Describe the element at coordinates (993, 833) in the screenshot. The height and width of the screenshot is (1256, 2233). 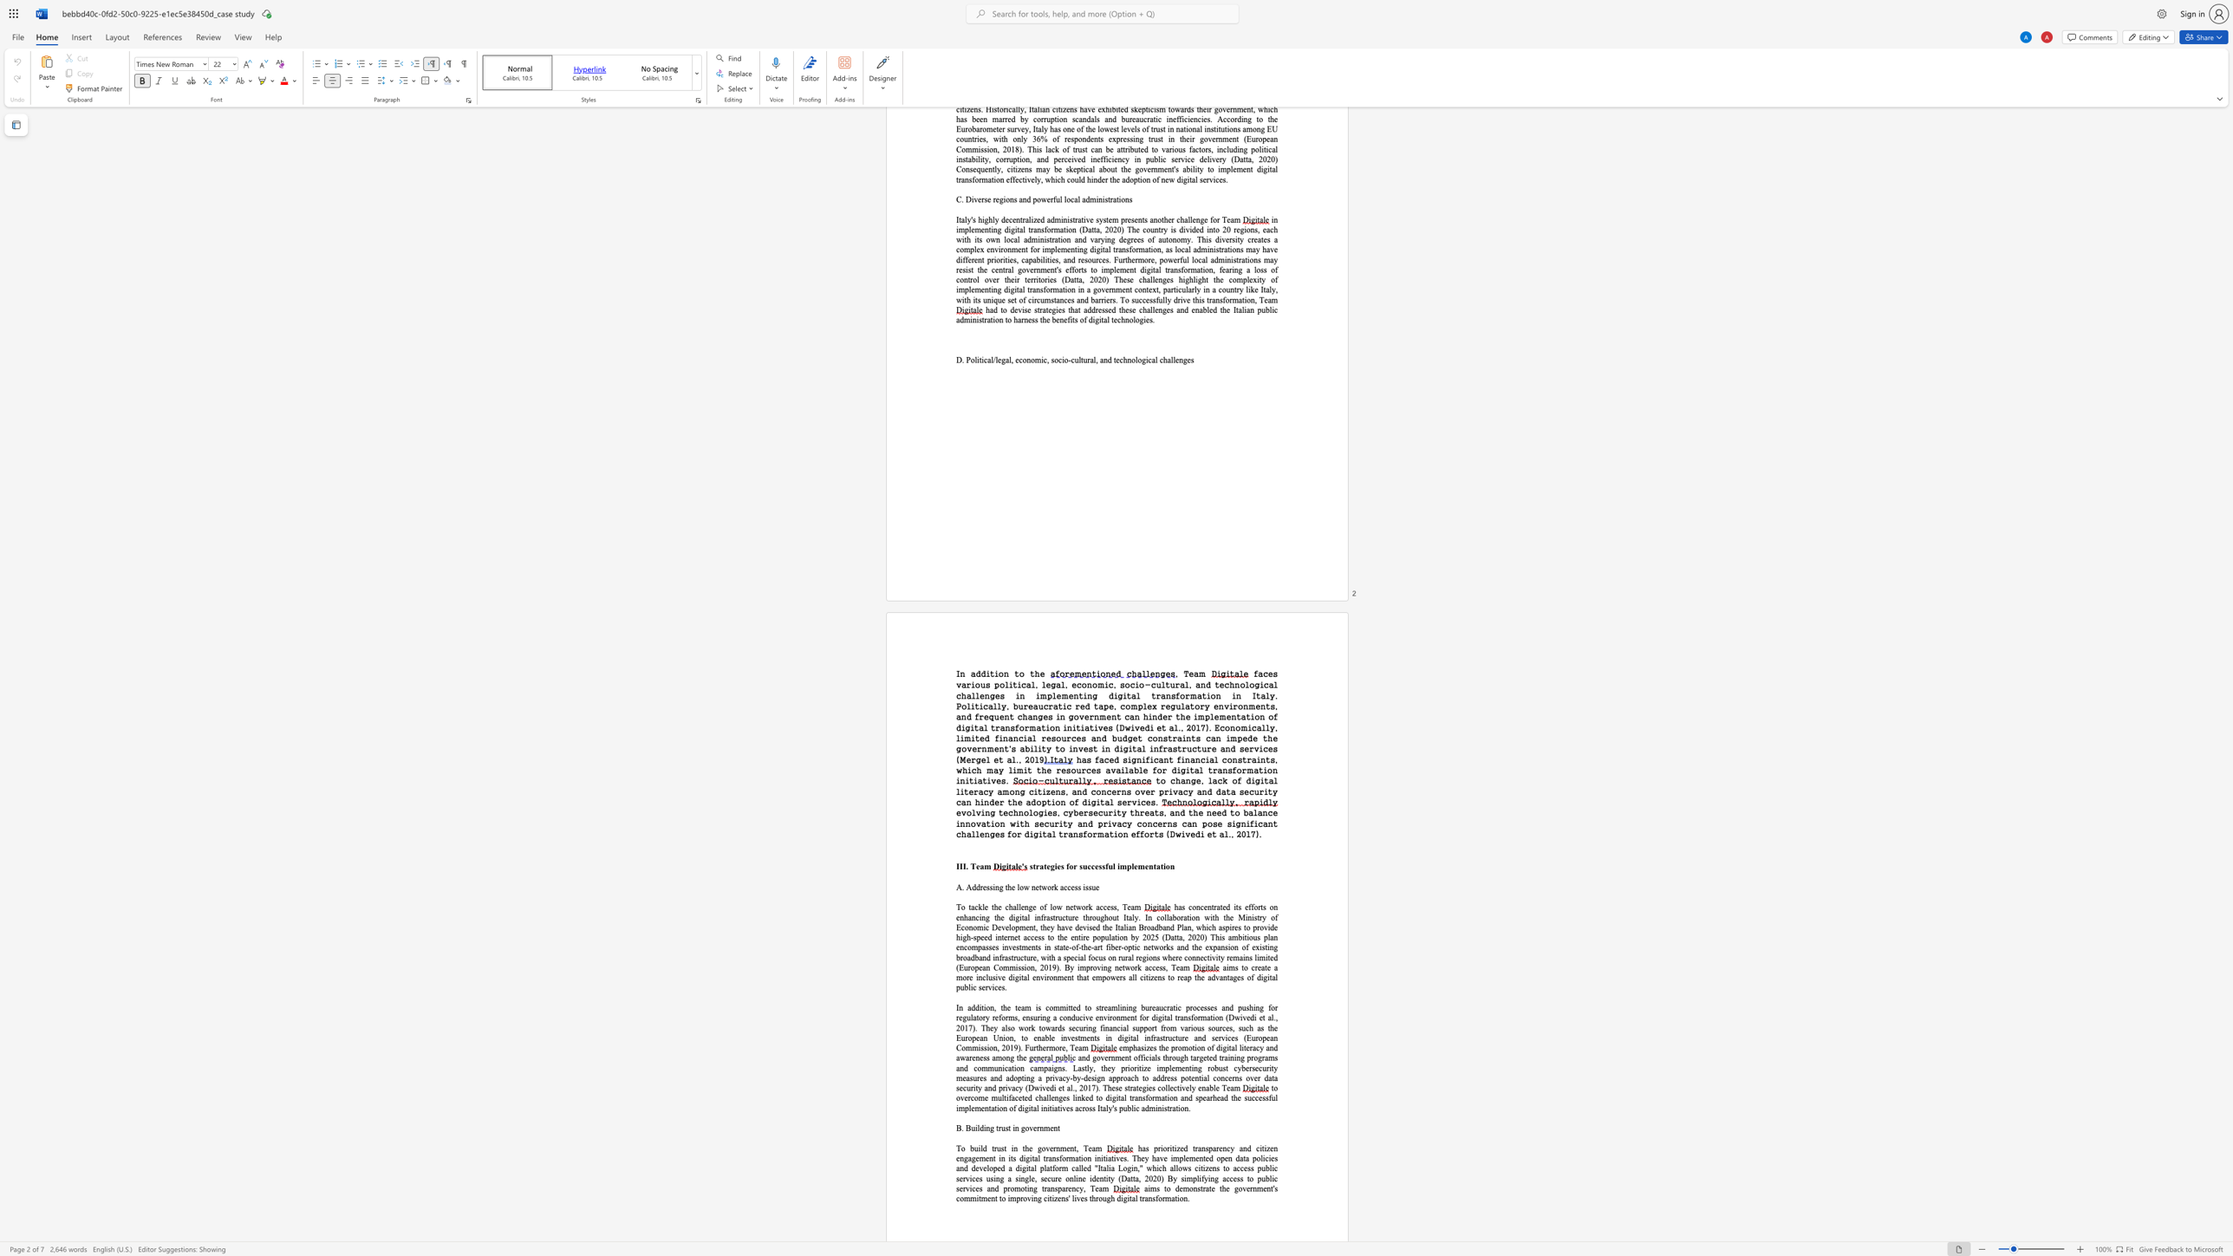
I see `the subset text "es for digital transformat" within the text "challenges for digital transformation efforts (Dwivedi et al., 2017)."` at that location.